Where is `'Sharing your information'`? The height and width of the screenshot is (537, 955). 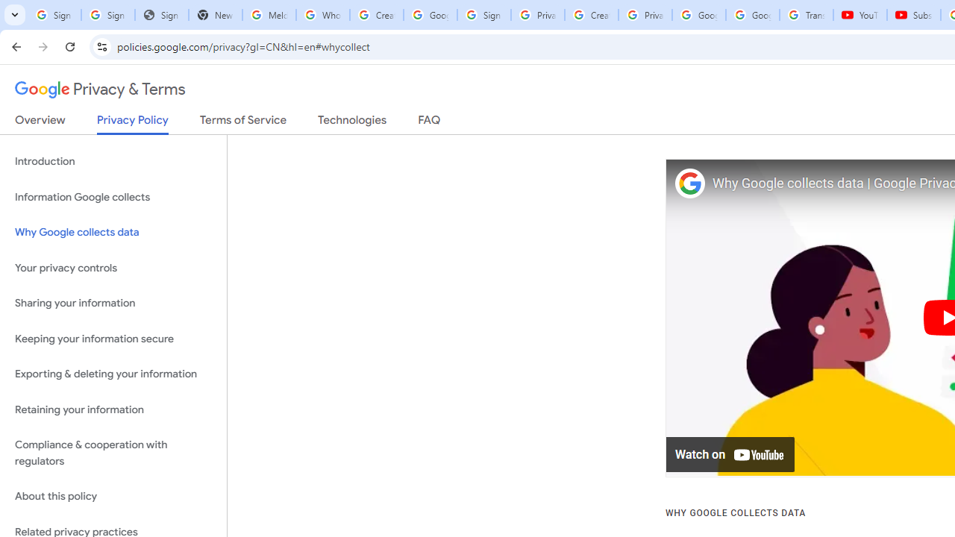
'Sharing your information' is located at coordinates (113, 303).